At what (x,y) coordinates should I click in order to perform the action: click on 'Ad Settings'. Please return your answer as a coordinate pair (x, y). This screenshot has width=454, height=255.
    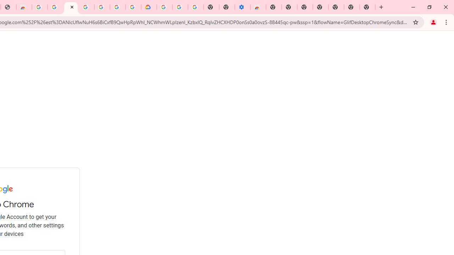
    Looking at the image, I should click on (55, 7).